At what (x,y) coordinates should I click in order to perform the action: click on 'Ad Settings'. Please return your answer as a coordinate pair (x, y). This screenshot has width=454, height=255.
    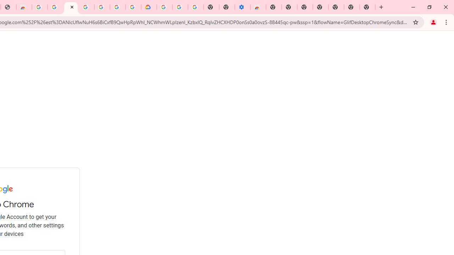
    Looking at the image, I should click on (55, 7).